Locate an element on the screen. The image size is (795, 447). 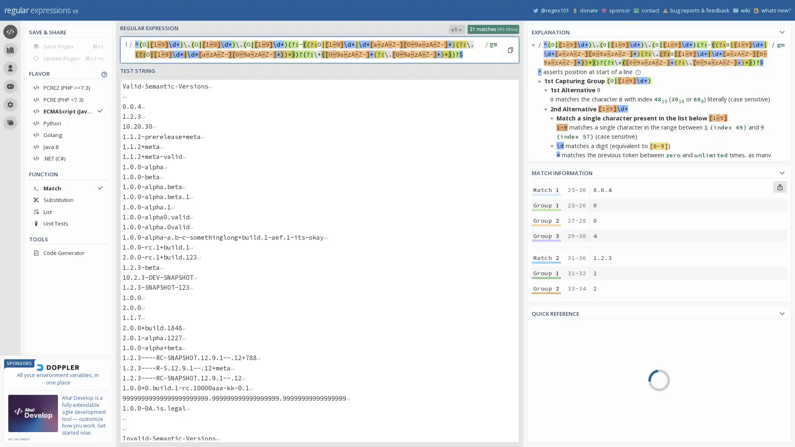
.NET (C#) is located at coordinates (68, 158).